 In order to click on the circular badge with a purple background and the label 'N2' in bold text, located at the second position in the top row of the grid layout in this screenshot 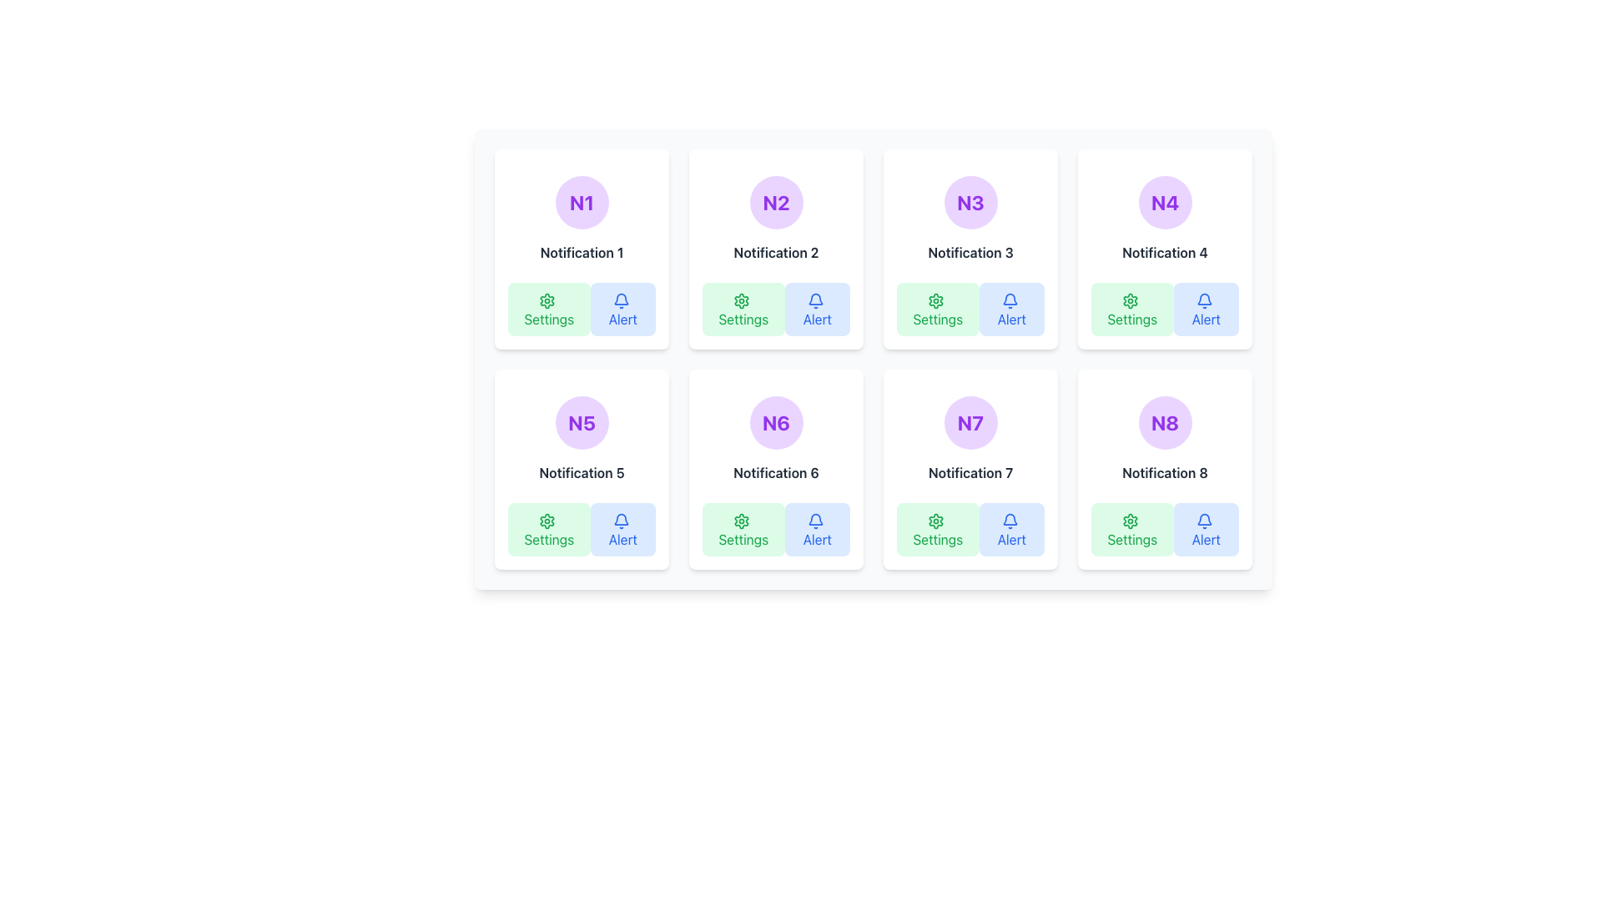, I will do `click(775, 202)`.